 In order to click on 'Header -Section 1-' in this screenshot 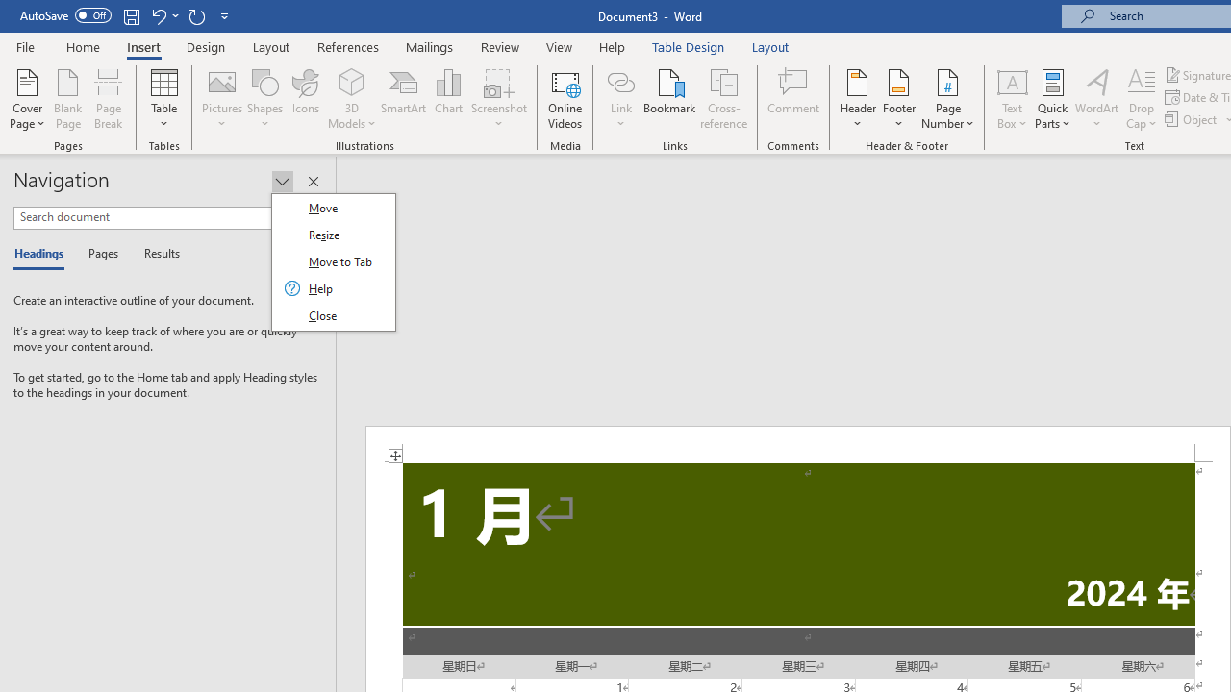, I will do `click(798, 444)`.